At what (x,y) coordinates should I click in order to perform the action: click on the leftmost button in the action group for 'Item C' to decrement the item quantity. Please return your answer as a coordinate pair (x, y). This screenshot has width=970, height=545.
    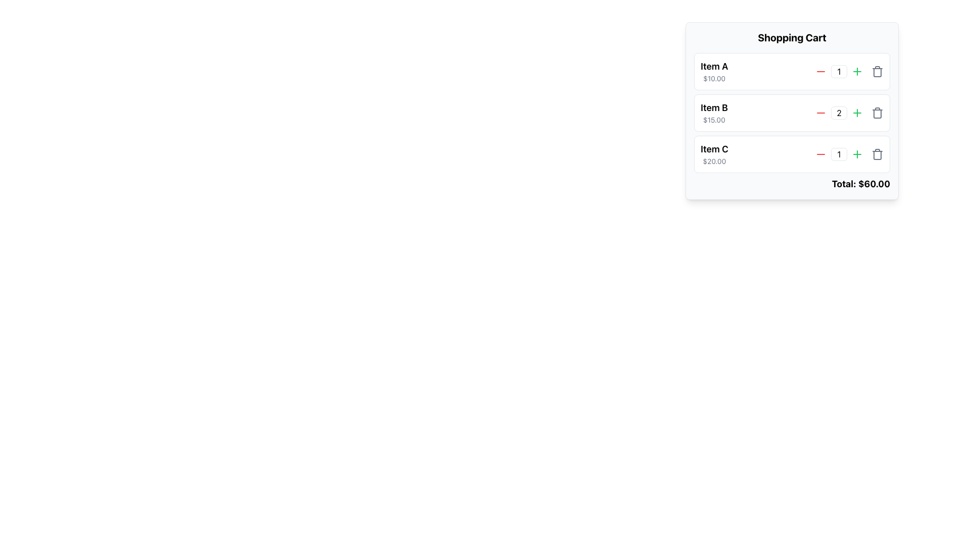
    Looking at the image, I should click on (821, 154).